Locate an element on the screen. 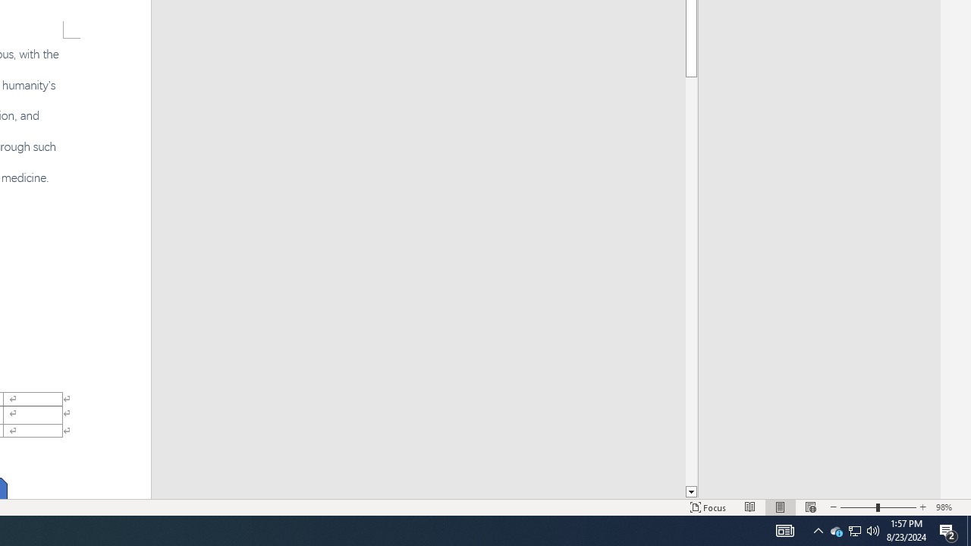 This screenshot has height=546, width=971. 'Read Mode' is located at coordinates (749, 507).